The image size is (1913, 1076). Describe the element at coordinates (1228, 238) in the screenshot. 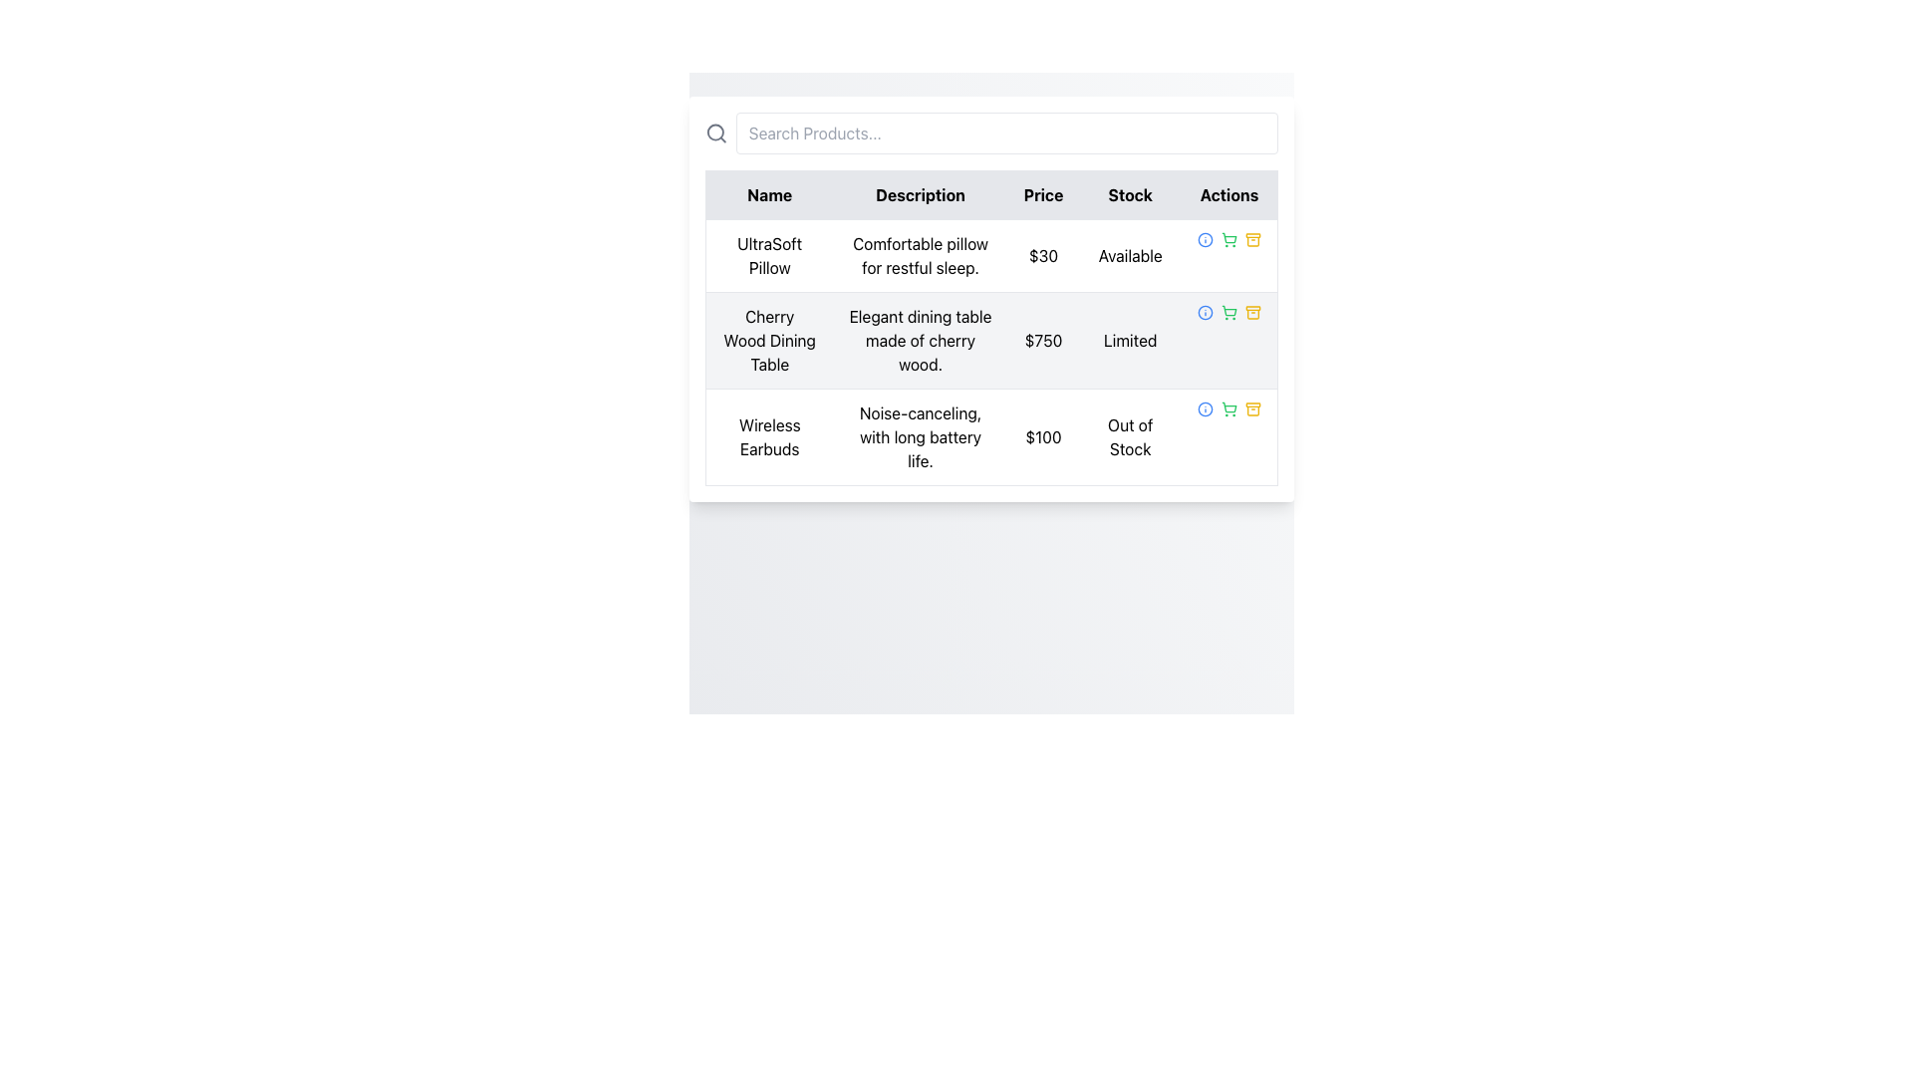

I see `the green shopping cart icon, which is the third action icon in the product table's row, to scale the icon` at that location.